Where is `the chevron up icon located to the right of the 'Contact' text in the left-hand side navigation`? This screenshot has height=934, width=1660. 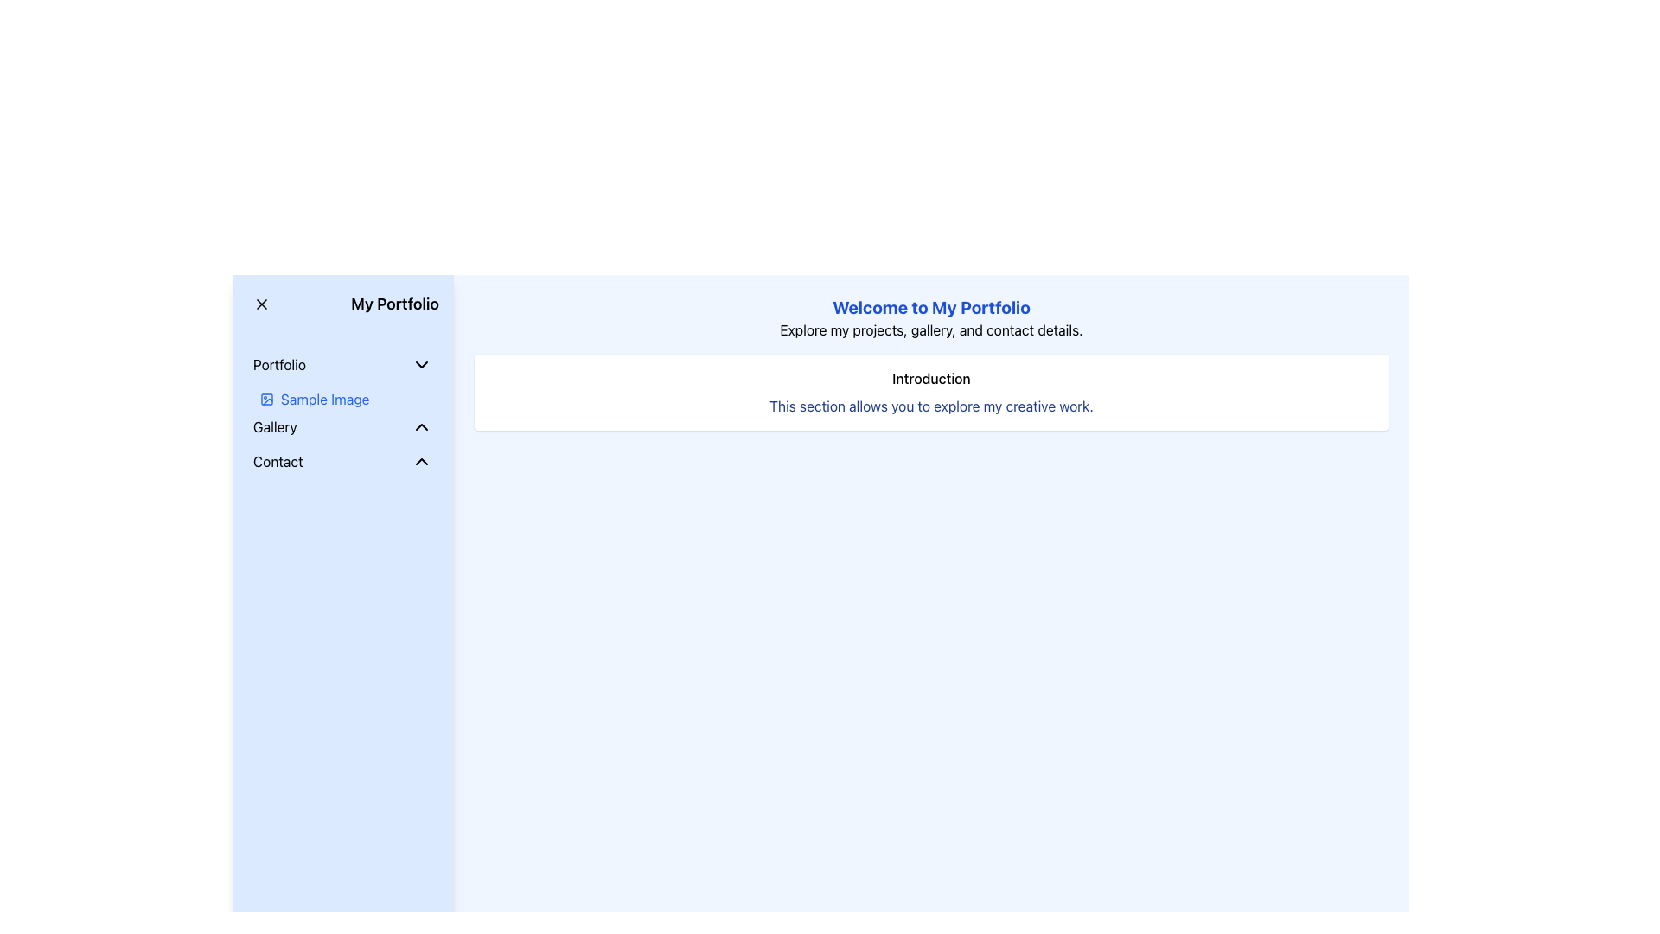
the chevron up icon located to the right of the 'Contact' text in the left-hand side navigation is located at coordinates (422, 460).